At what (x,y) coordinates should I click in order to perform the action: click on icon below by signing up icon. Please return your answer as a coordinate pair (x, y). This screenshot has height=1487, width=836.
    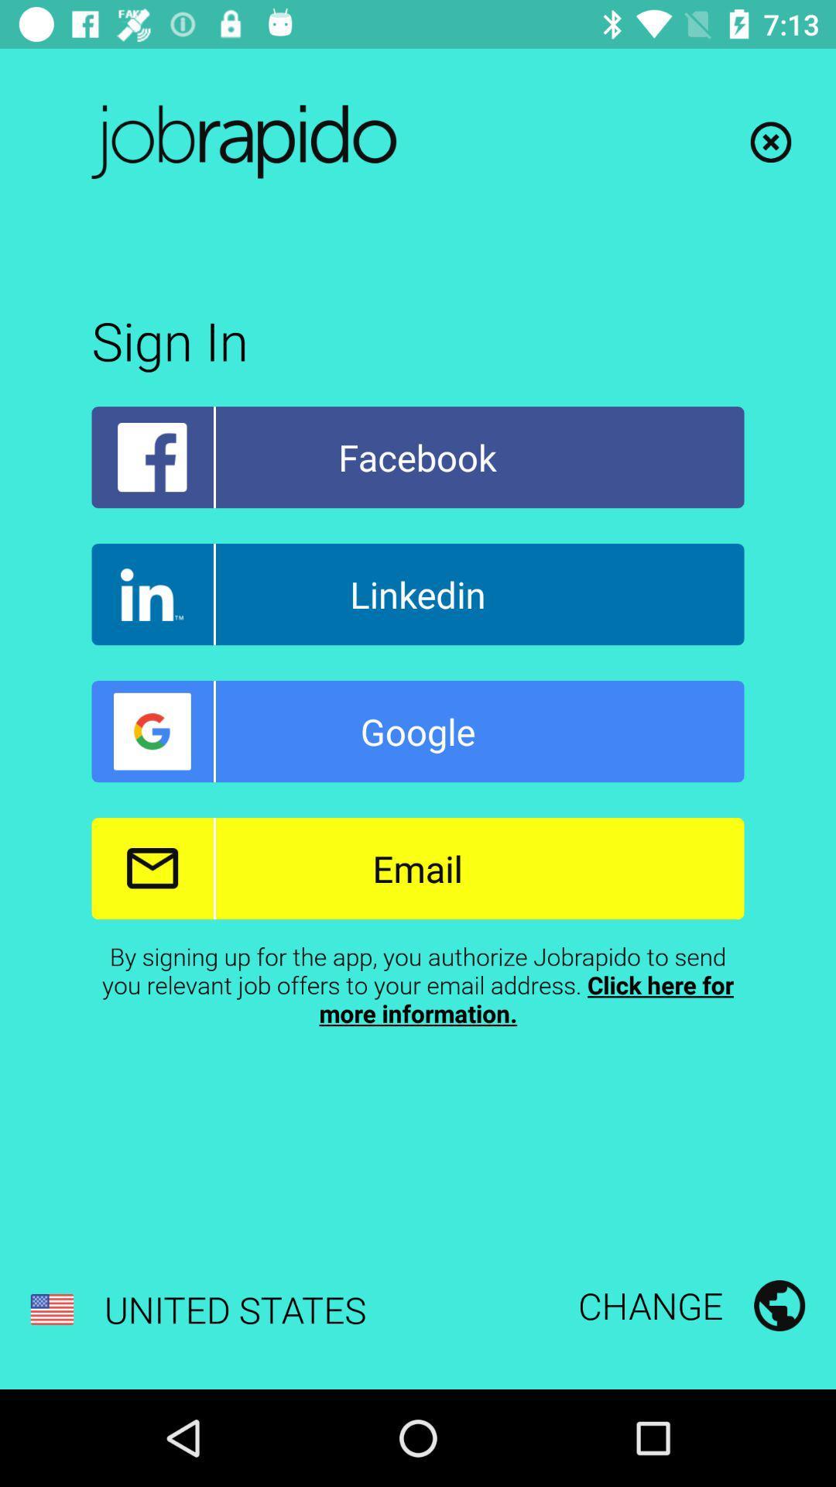
    Looking at the image, I should click on (197, 1309).